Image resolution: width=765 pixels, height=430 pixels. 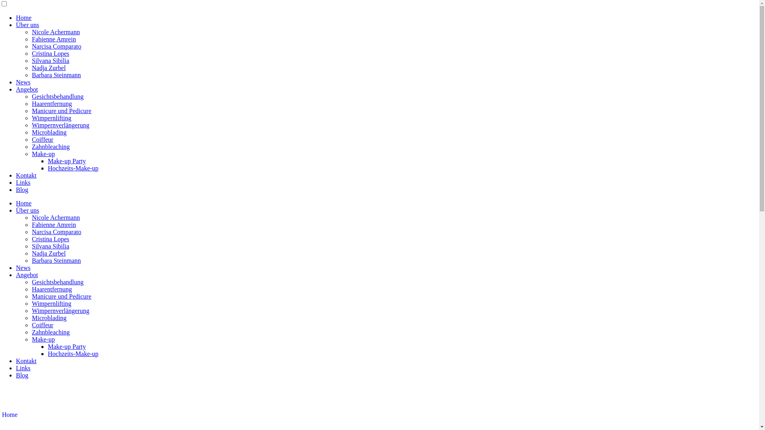 What do you see at coordinates (48, 253) in the screenshot?
I see `'Nadja Zurbel'` at bounding box center [48, 253].